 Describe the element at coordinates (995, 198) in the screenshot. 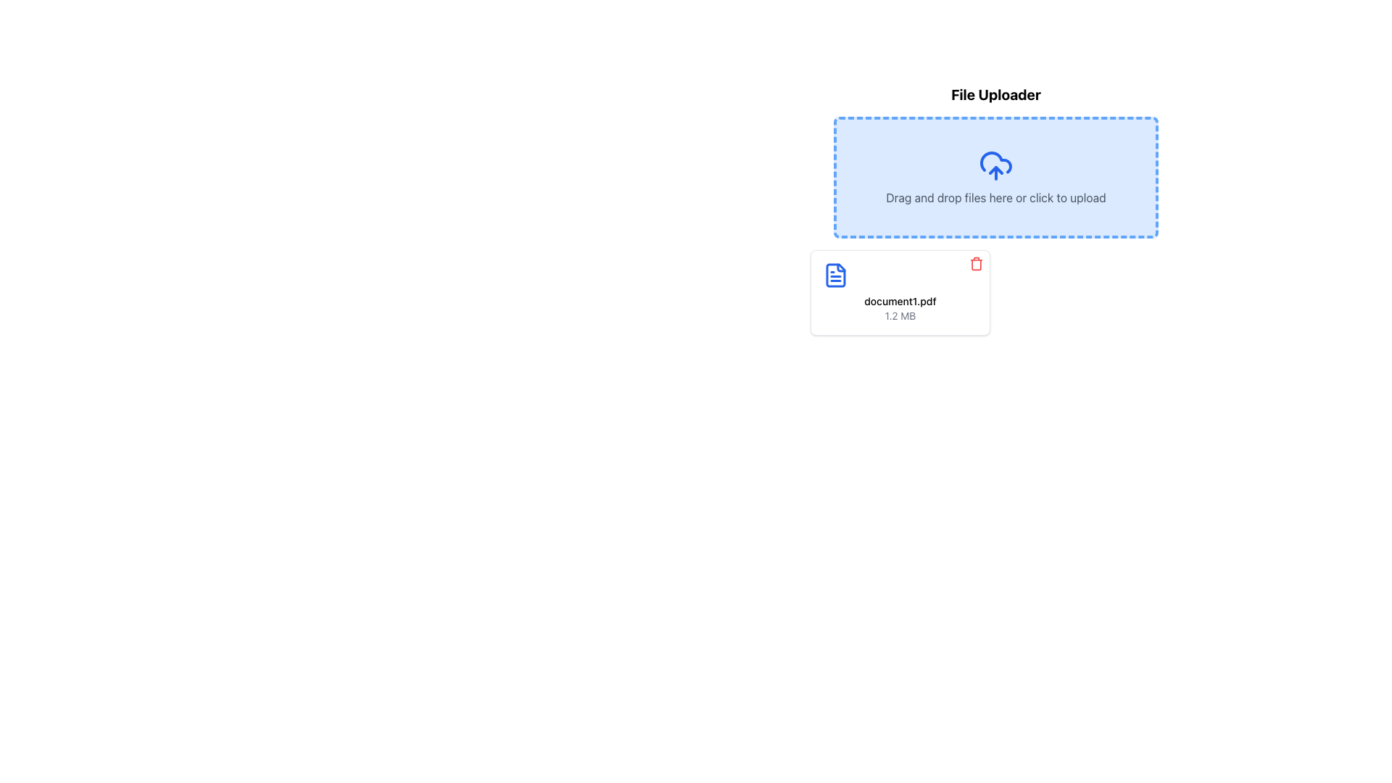

I see `static text label that instructs 'Drag and drop files here or click to upload', located within the file upload panel` at that location.